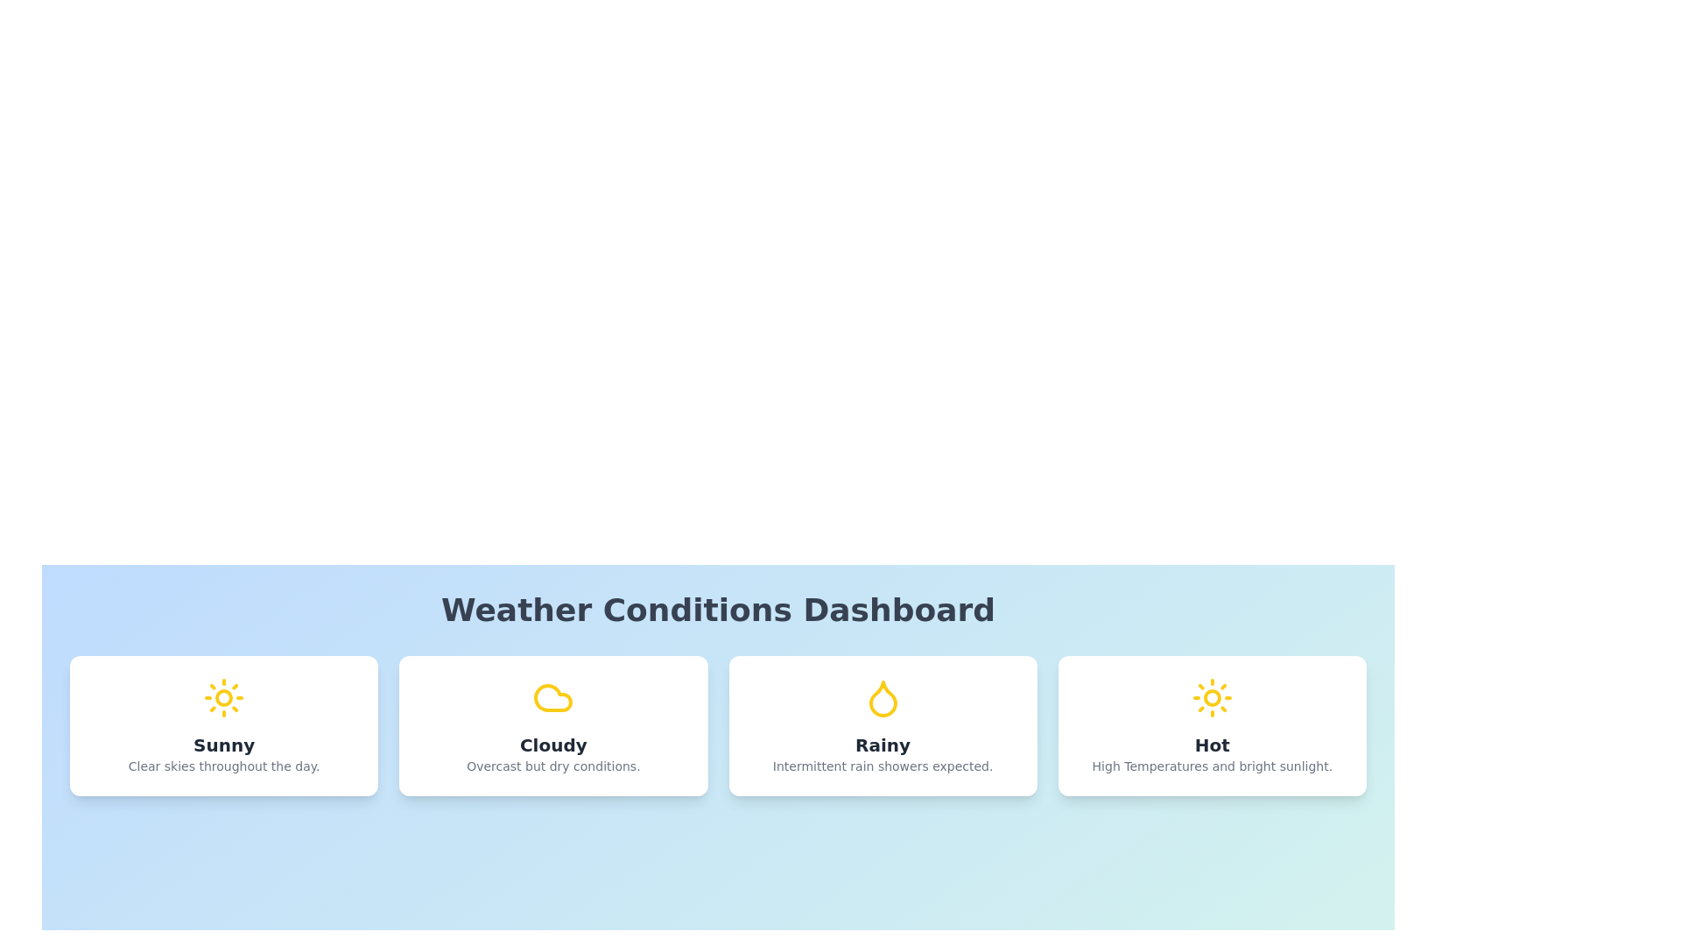  What do you see at coordinates (552, 697) in the screenshot?
I see `the yellow cloud icon, which is the central design feature under the 'Cloudy' title in the grid layout` at bounding box center [552, 697].